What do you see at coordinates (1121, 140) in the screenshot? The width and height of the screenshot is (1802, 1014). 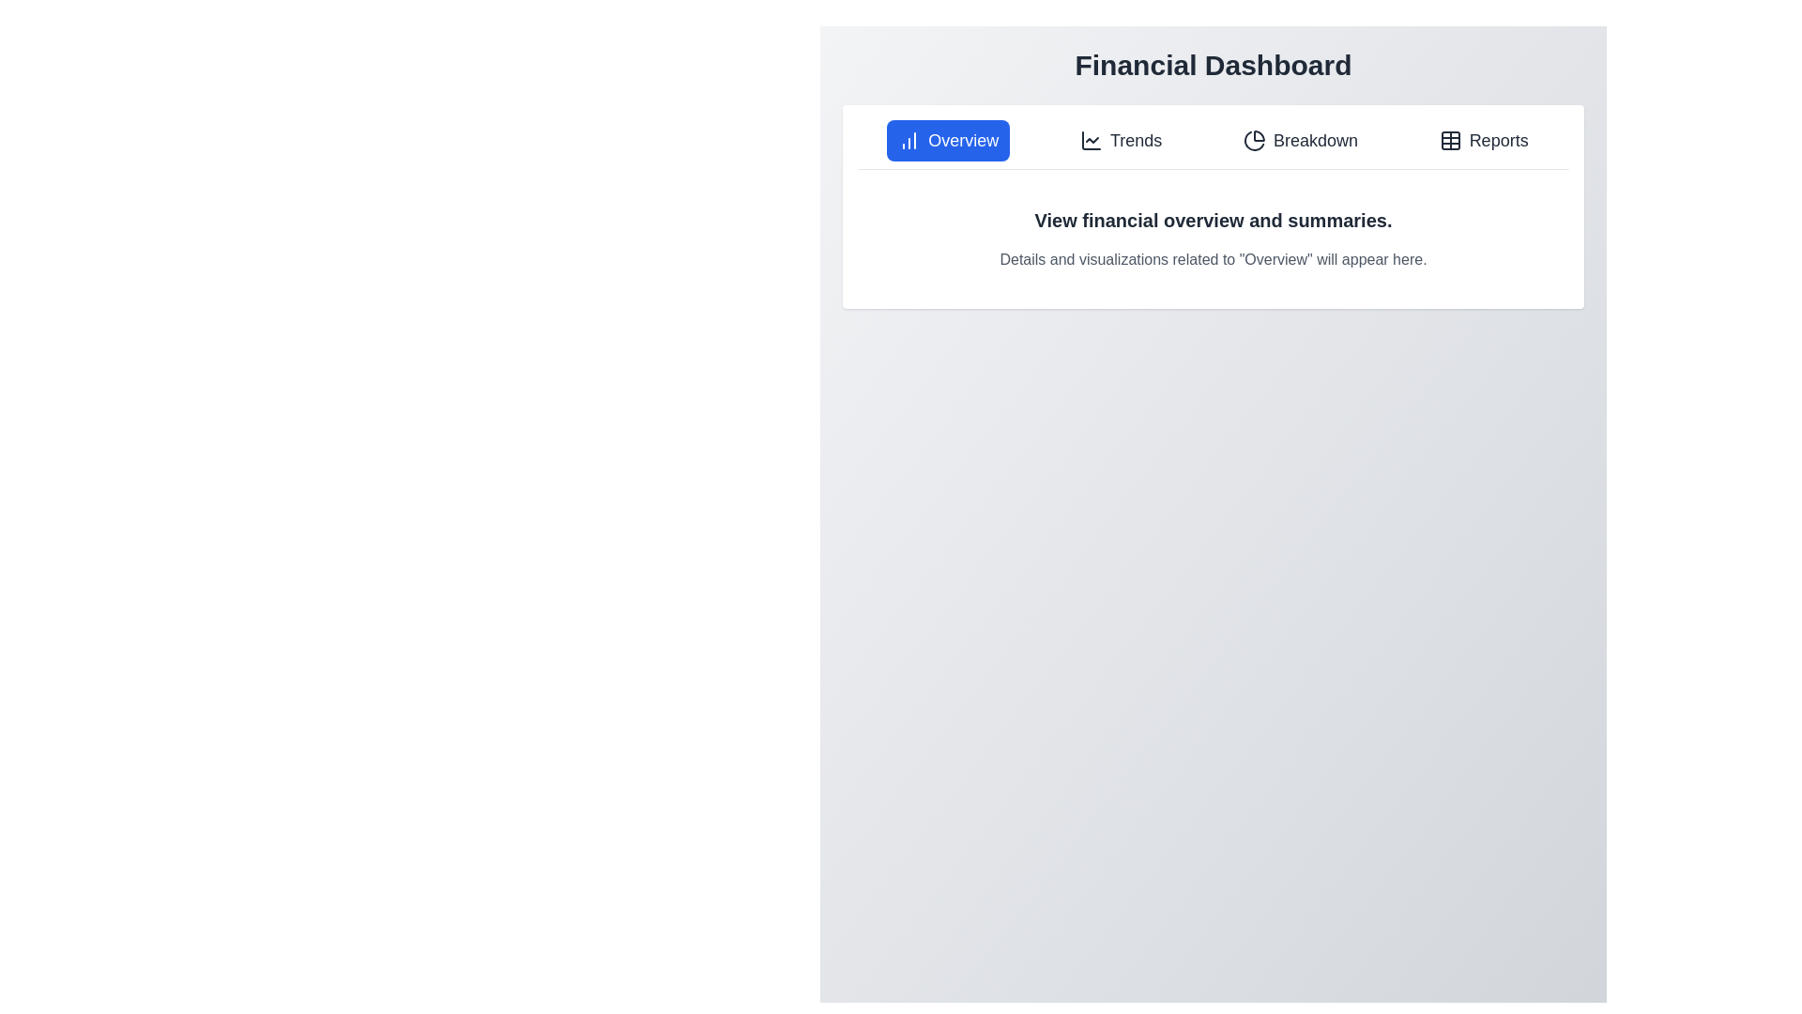 I see `the Trends tab to view its content` at bounding box center [1121, 140].